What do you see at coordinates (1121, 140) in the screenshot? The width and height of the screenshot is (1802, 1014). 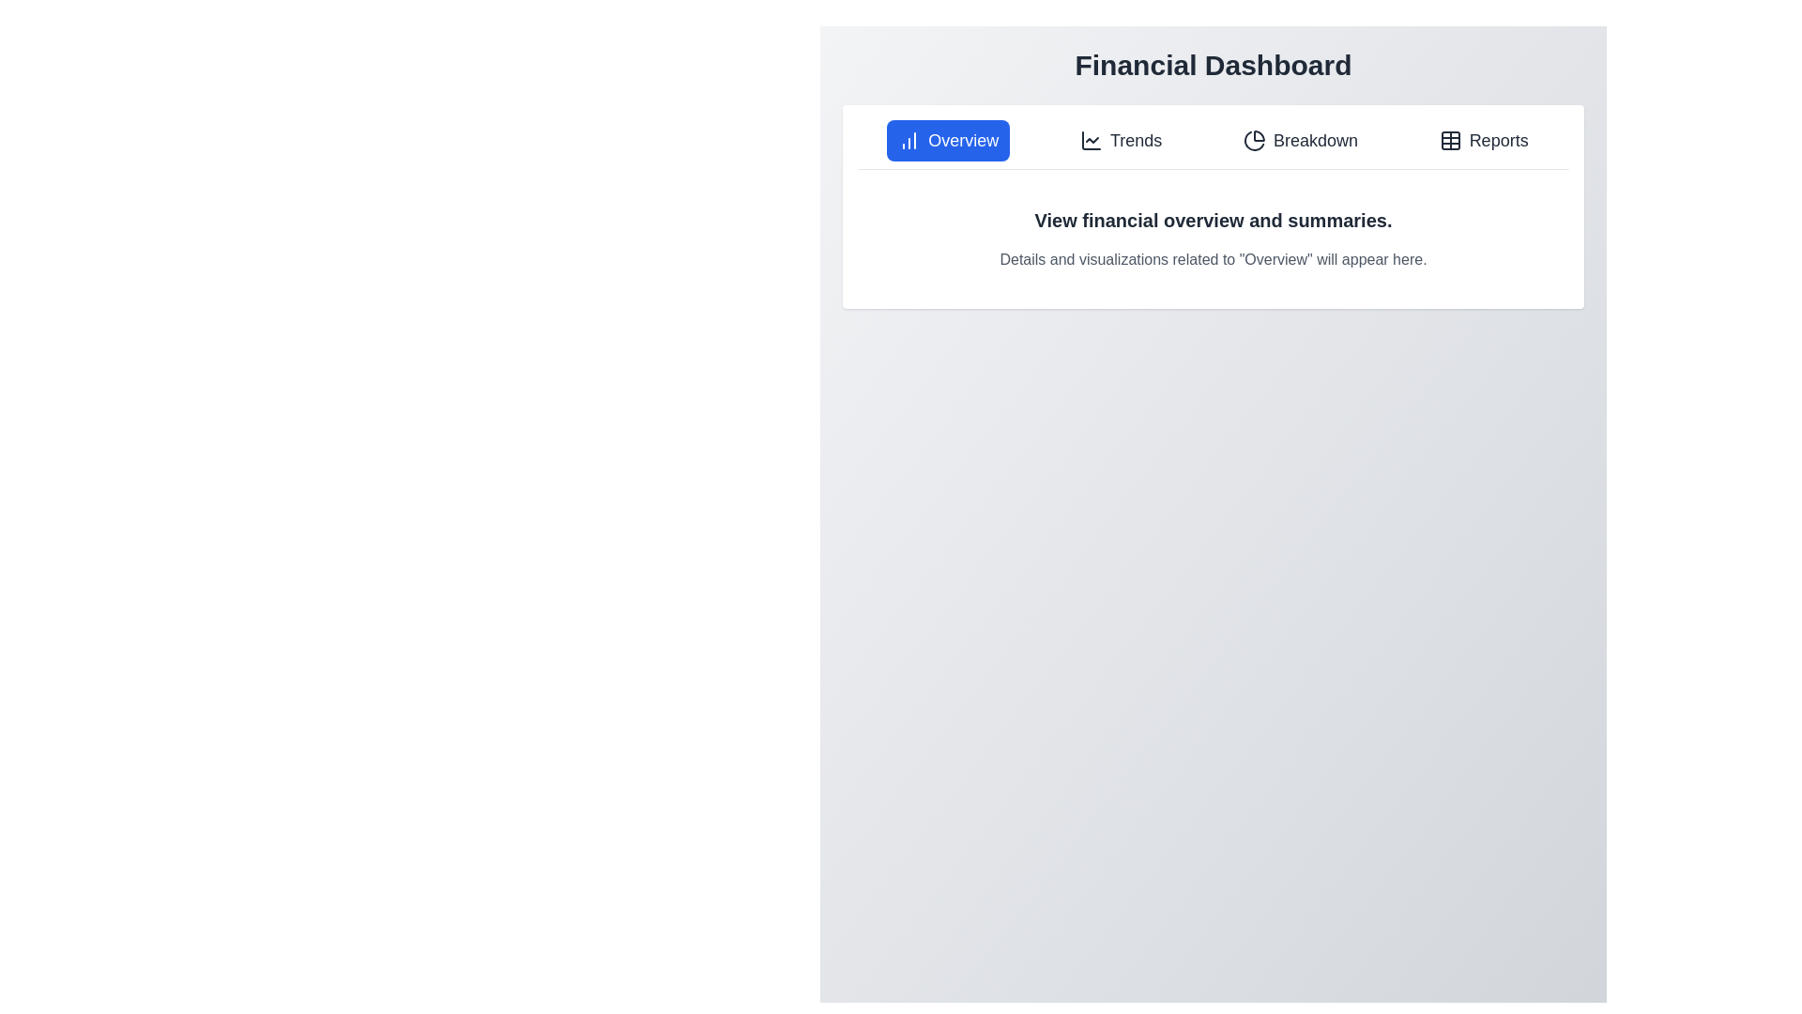 I see `the Trends tab to view its content` at bounding box center [1121, 140].